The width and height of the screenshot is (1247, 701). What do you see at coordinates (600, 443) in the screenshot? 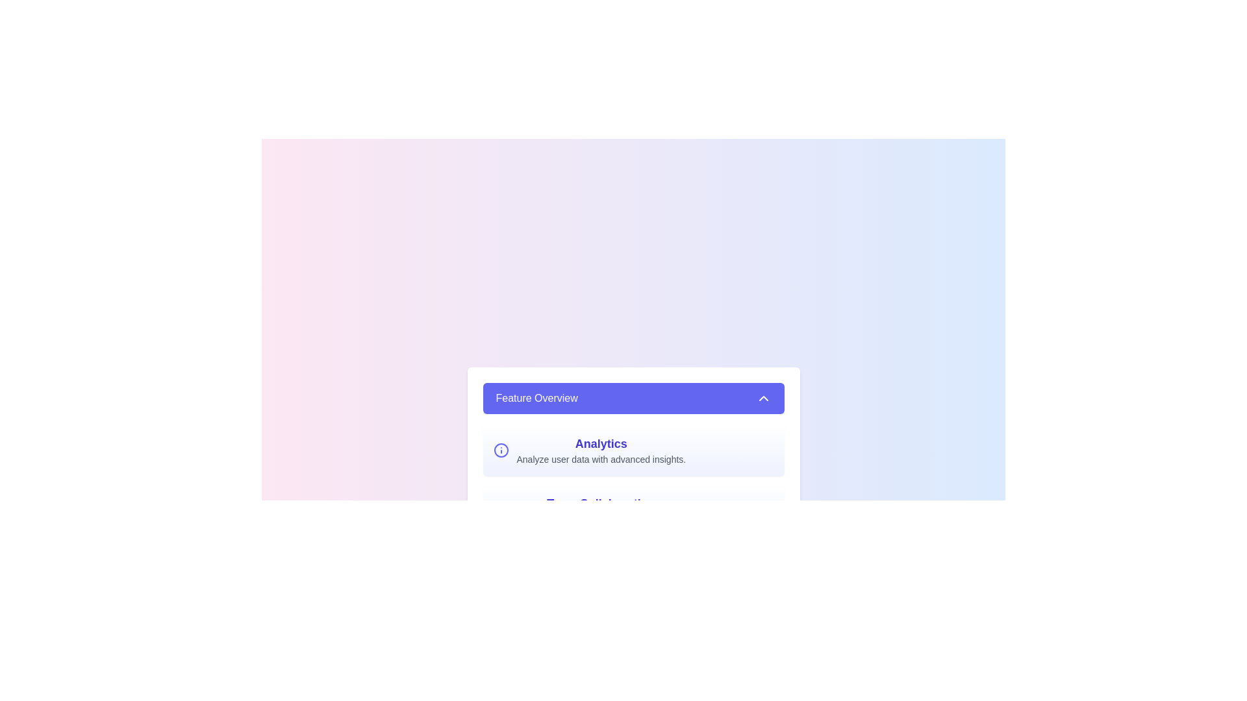
I see `the 'Analytics' text label, which is bold and indigo-blue` at bounding box center [600, 443].